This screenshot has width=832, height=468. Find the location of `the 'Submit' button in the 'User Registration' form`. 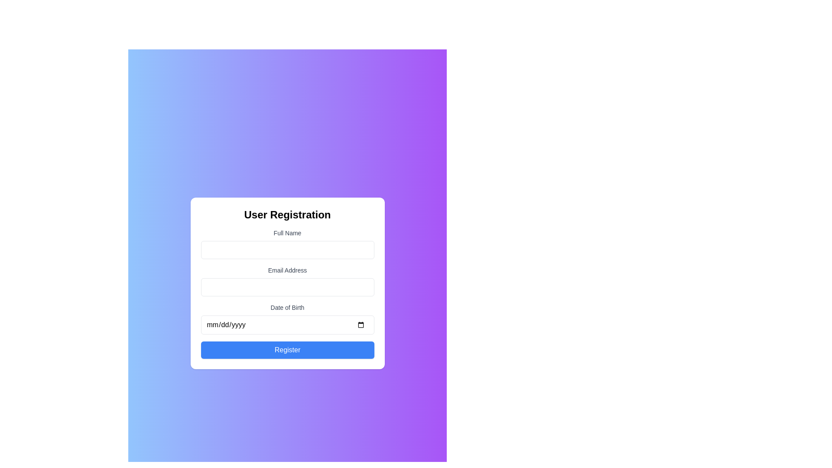

the 'Submit' button in the 'User Registration' form is located at coordinates (287, 349).